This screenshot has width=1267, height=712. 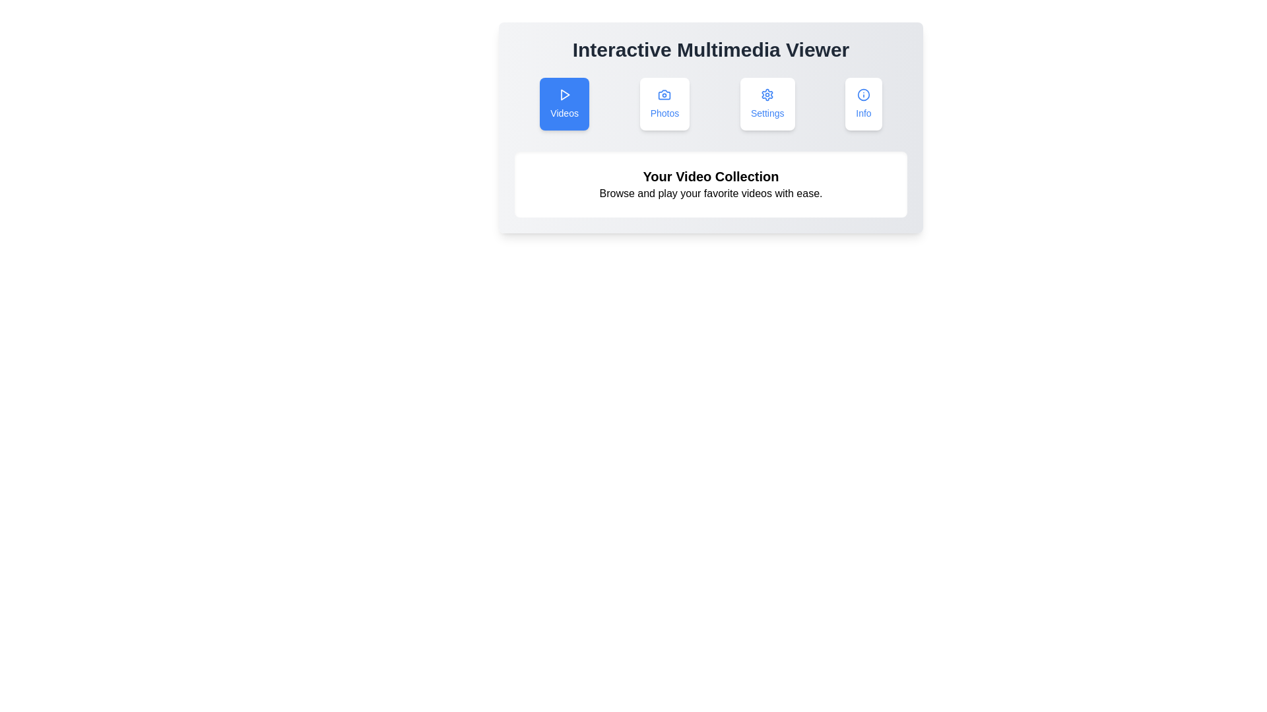 What do you see at coordinates (863, 104) in the screenshot?
I see `the 'Info' button, which is a rectangular button with rounded corners, featuring a blue outlined circle icon with an 'i' inside it above the text label 'Info' in blue font, located at the top-right of the row of buttons` at bounding box center [863, 104].